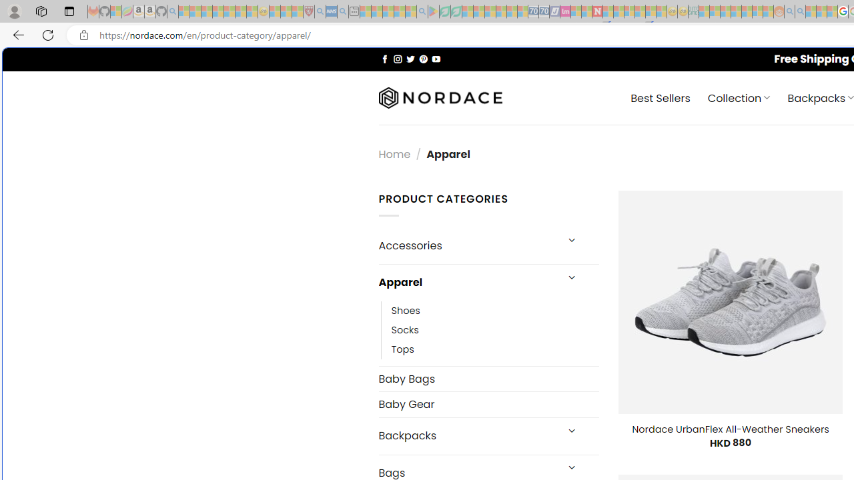  What do you see at coordinates (488, 379) in the screenshot?
I see `'Baby Bags'` at bounding box center [488, 379].